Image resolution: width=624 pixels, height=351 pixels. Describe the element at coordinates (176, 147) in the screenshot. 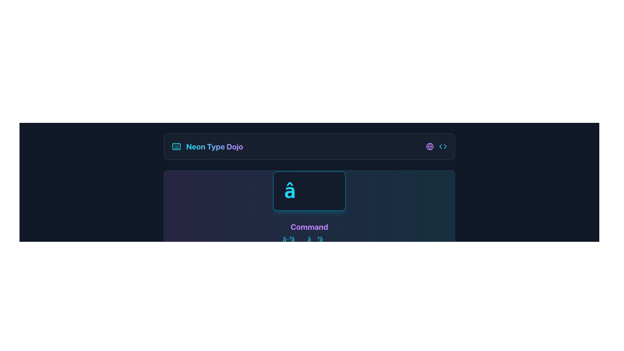

I see `the central rectangular button of the keyboard illustration to trigger relevant actions` at that location.